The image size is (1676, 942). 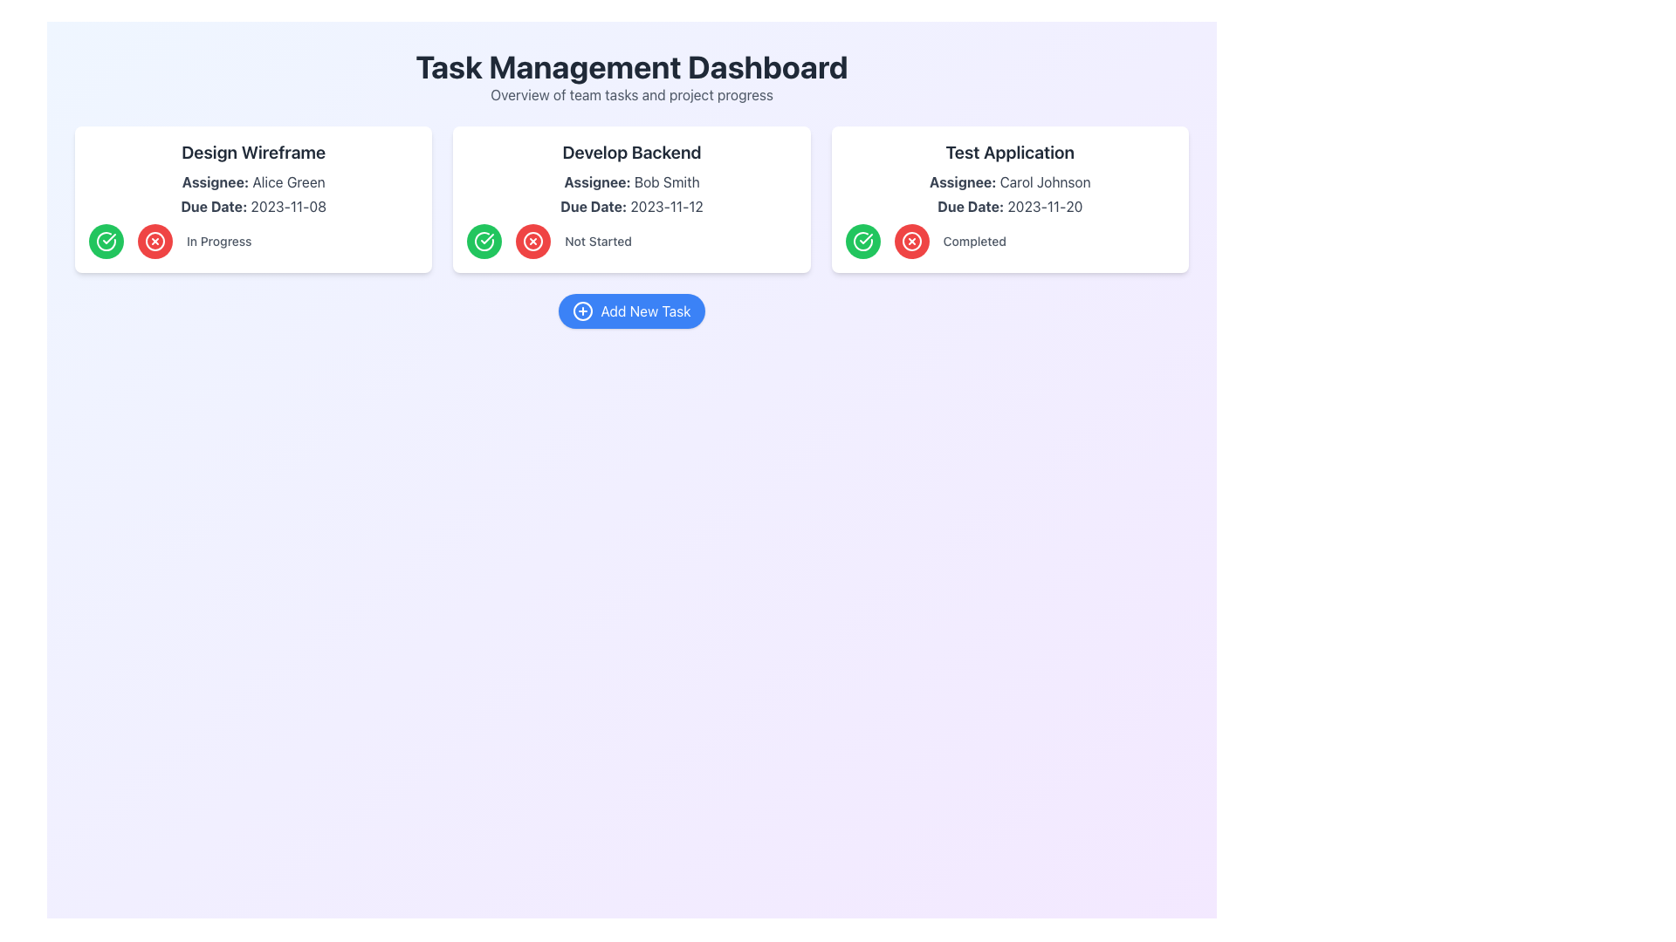 I want to click on the circular icon with a plus sign in its center, located to the left of the 'Add New Task' text within the button, so click(x=583, y=311).